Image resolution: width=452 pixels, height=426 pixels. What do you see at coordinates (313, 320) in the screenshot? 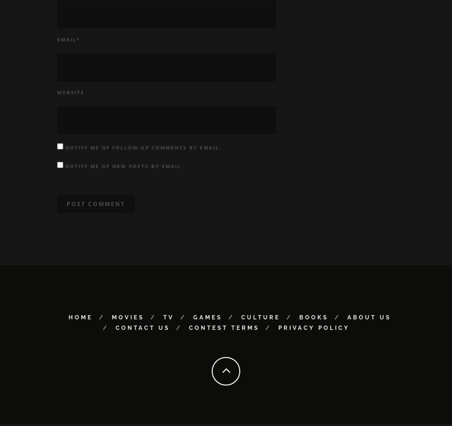
I see `'Books'` at bounding box center [313, 320].